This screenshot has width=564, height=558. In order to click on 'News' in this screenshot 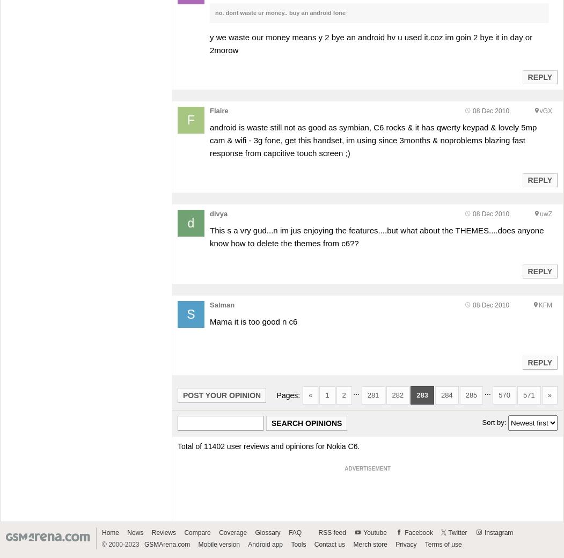, I will do `click(127, 532)`.